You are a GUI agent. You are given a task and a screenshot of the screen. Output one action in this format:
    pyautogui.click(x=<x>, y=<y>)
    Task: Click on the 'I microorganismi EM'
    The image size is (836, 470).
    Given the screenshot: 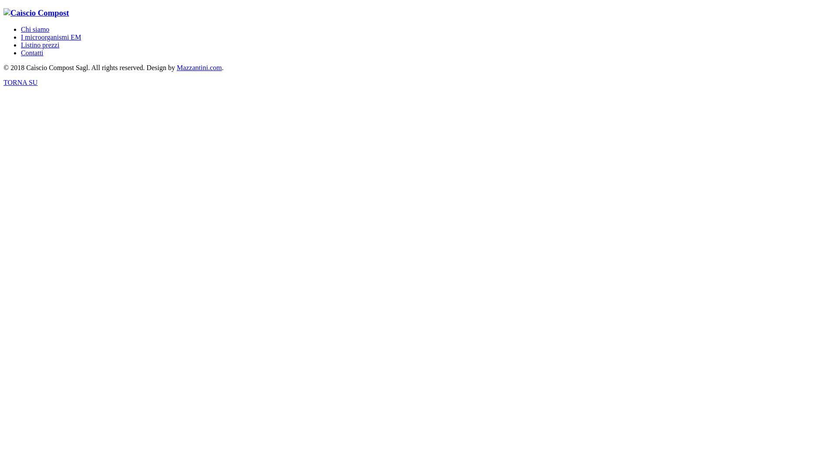 What is the action you would take?
    pyautogui.click(x=50, y=37)
    